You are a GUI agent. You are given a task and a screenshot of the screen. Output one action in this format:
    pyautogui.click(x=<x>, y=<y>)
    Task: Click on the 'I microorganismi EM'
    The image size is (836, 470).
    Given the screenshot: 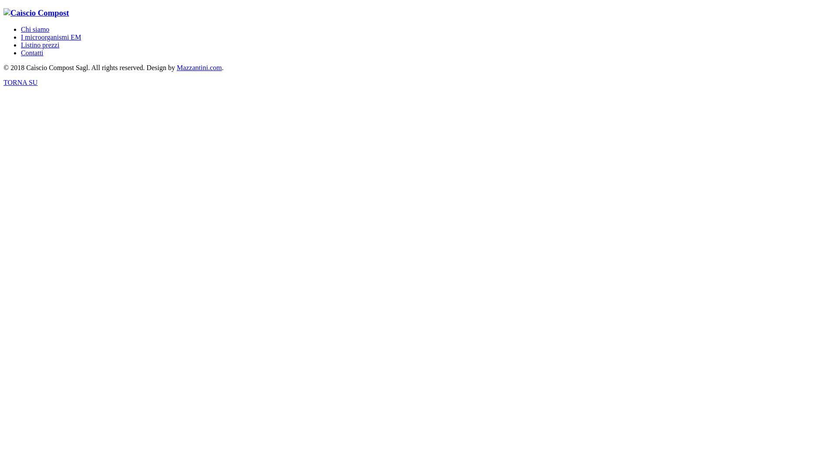 What is the action you would take?
    pyautogui.click(x=50, y=37)
    